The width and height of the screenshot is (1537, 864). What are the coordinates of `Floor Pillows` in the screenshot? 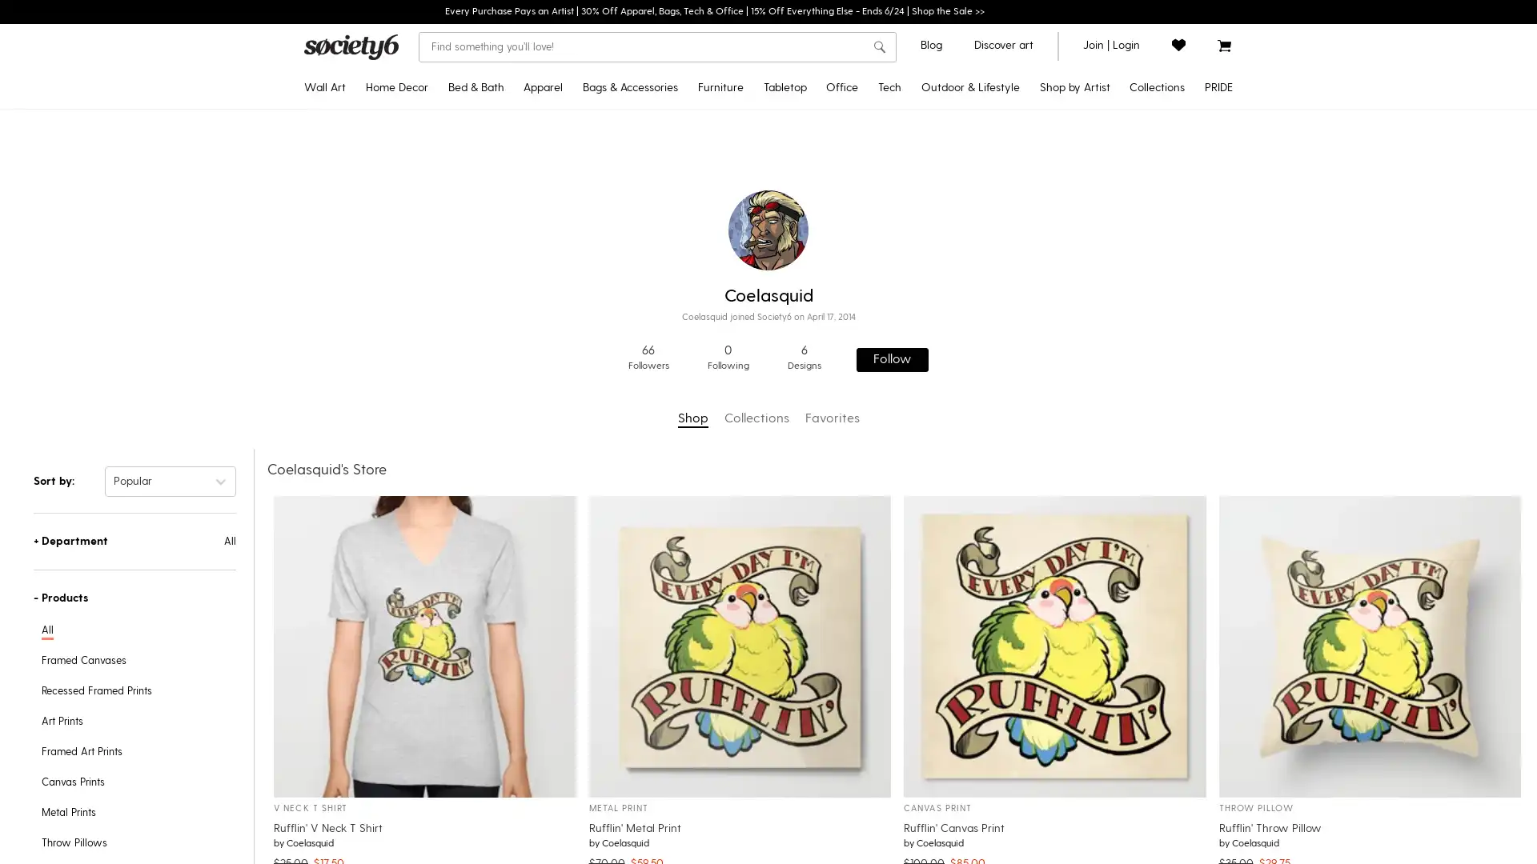 It's located at (427, 205).